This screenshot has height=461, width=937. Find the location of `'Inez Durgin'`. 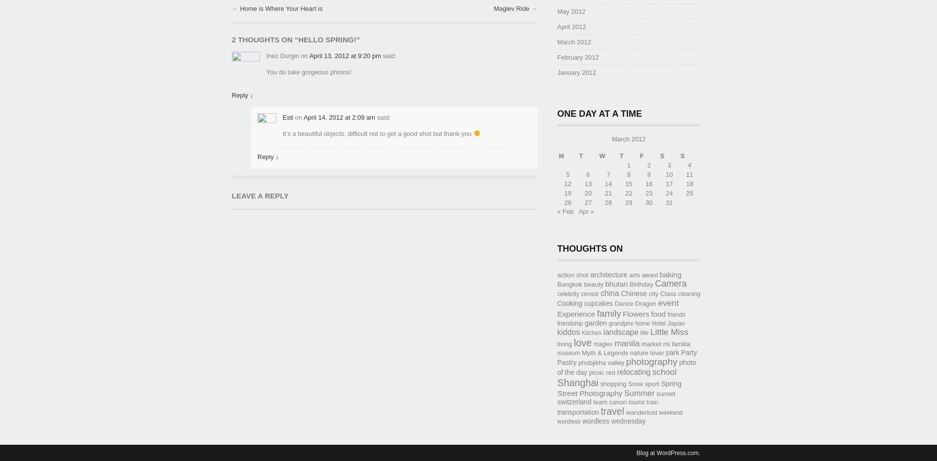

'Inez Durgin' is located at coordinates (266, 55).